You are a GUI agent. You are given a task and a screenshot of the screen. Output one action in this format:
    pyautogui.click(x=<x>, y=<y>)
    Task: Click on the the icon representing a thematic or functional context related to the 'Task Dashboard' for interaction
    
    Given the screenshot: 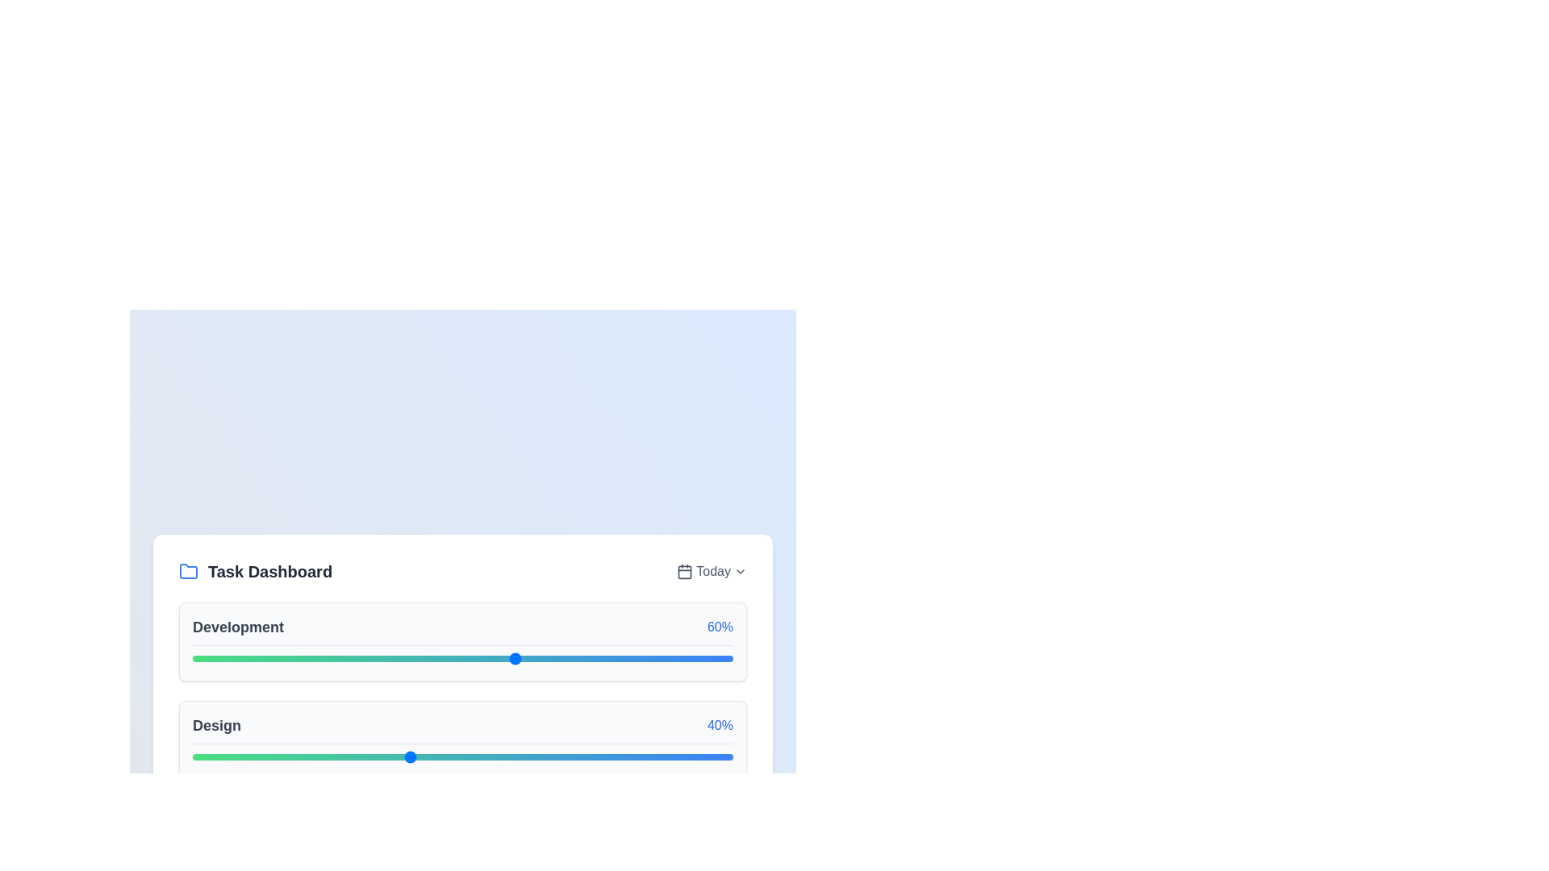 What is the action you would take?
    pyautogui.click(x=189, y=570)
    